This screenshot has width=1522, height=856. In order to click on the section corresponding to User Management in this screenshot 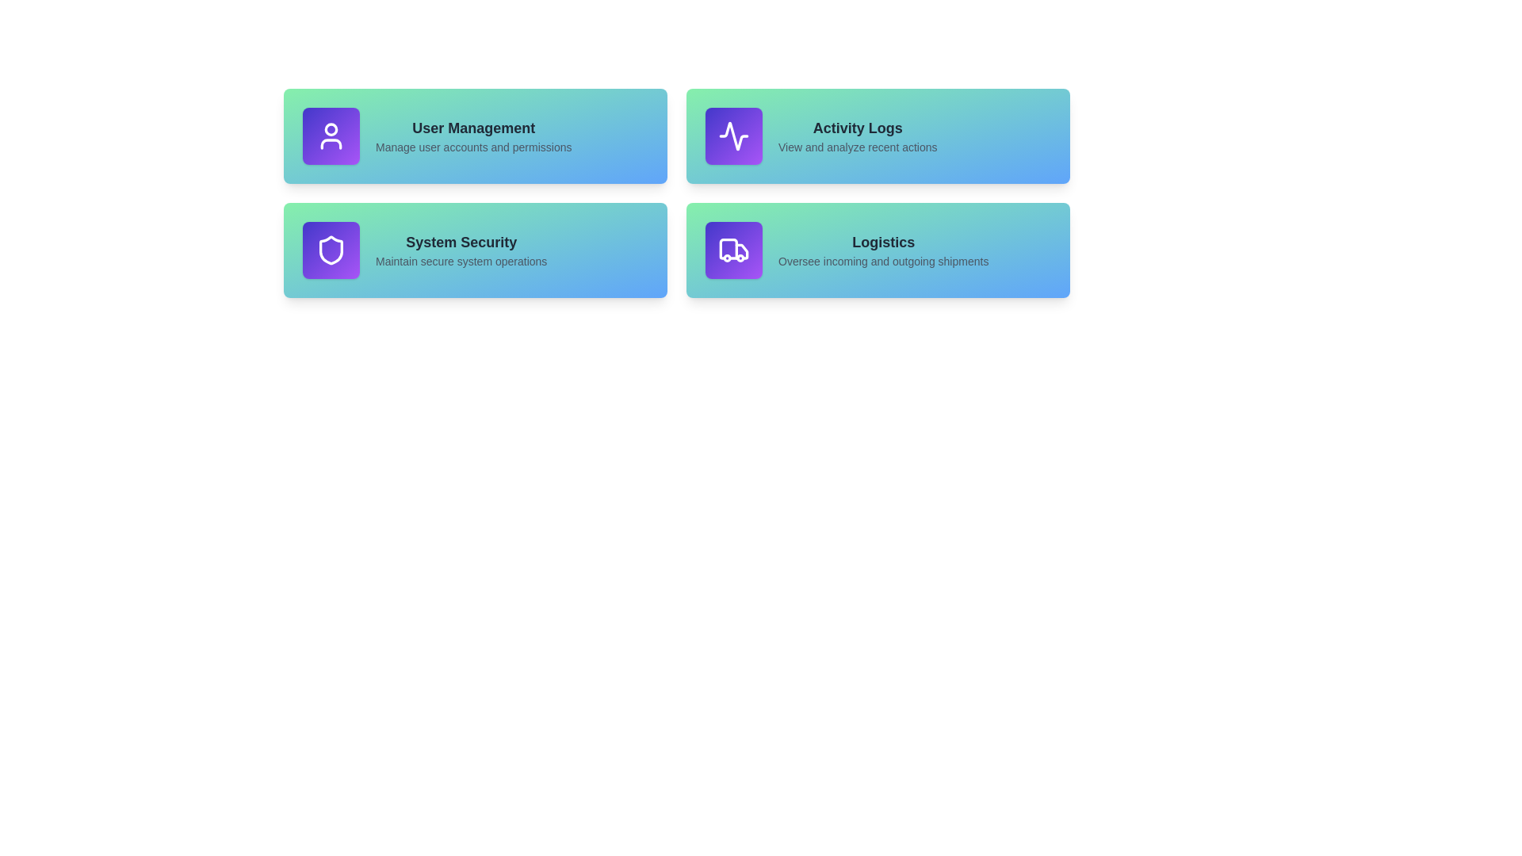, I will do `click(475, 136)`.